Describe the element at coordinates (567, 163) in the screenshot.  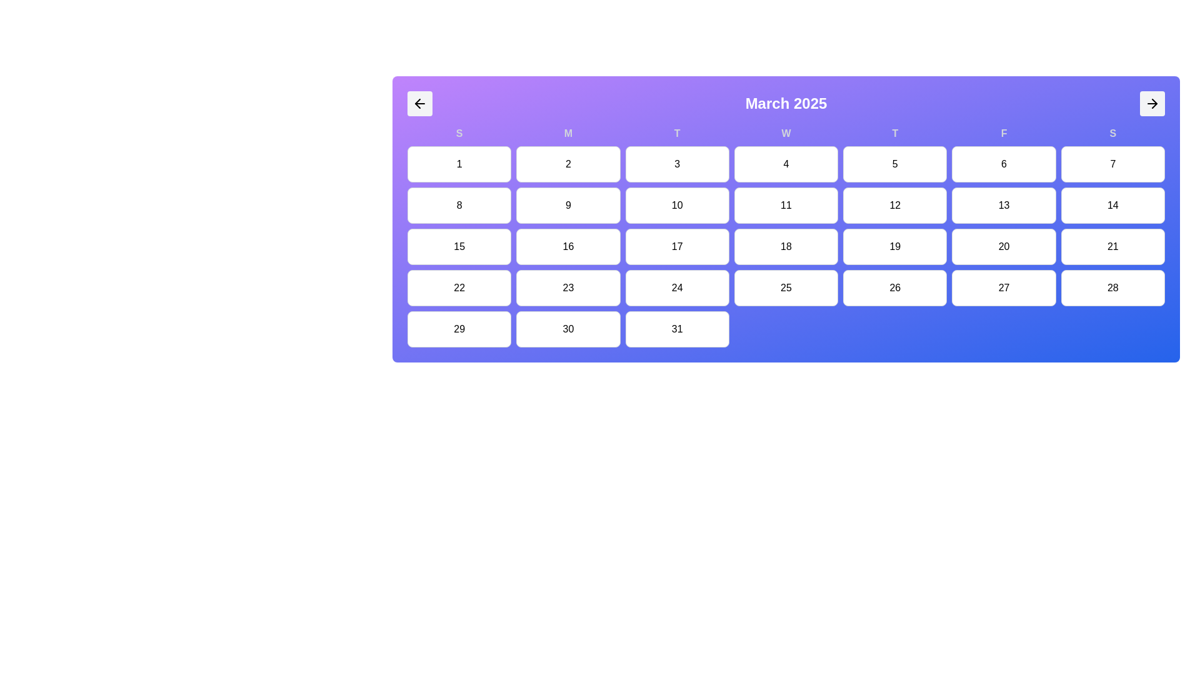
I see `the button displaying the number '2', which is a rectangular button with a white background and rounded corners, located in a grid structure of calendar dates` at that location.